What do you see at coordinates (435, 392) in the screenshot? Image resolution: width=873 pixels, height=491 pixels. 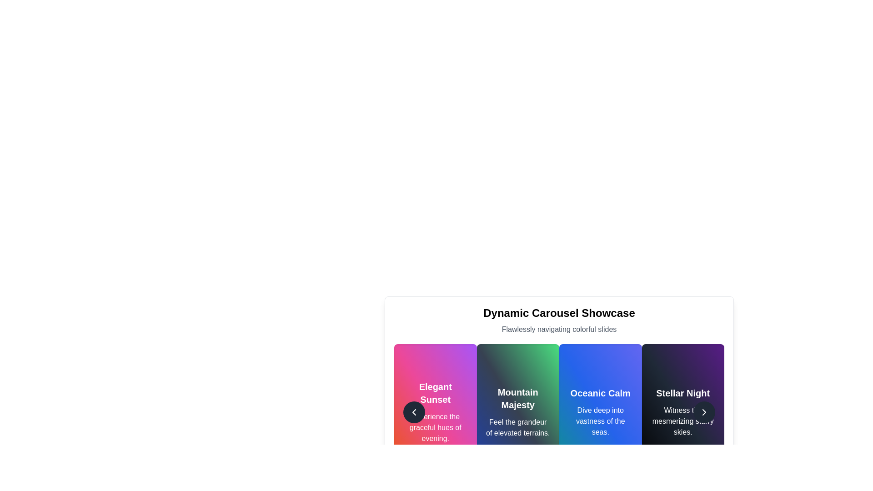 I see `the title Text label of the first card in the carousel, which describes the main theme of the card content` at bounding box center [435, 392].